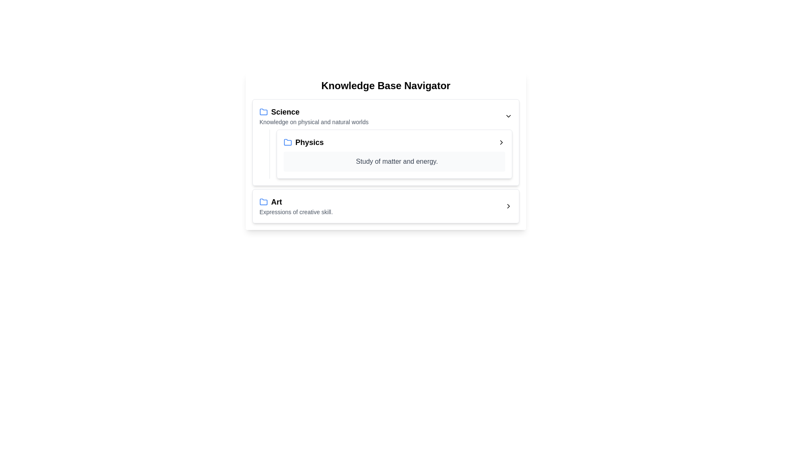  I want to click on the 'Physics' topic card within the 'Knowledge Base Navigator', so click(385, 151).